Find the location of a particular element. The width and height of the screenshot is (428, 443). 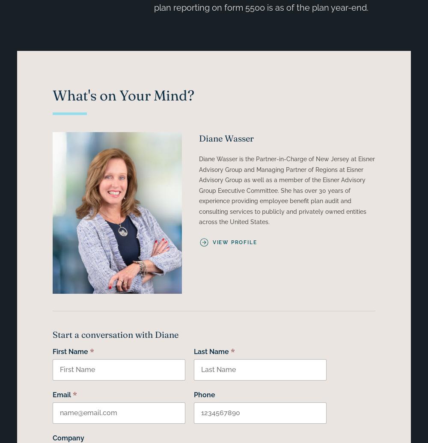

'Diane Wasser is the Partner-in-Charge of New Jersey at Eisner Advisory Group and Managing Partner of Regions at Eisner Advisory Group as well as a member of the Eisner Advisory Group Executive Committee.  She has over 30 years of experience providing employee benefit plan audit and consulting services to publicly and privately owned entities across the United States.' is located at coordinates (286, 190).